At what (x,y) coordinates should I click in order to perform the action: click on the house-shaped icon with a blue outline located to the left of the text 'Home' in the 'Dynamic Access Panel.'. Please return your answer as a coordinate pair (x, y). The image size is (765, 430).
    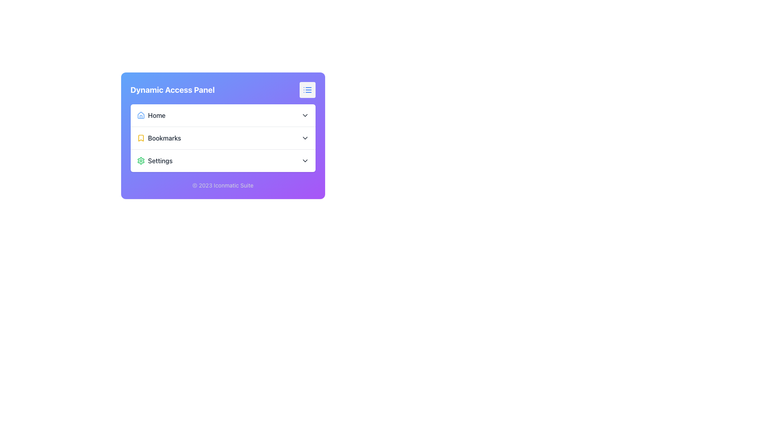
    Looking at the image, I should click on (141, 115).